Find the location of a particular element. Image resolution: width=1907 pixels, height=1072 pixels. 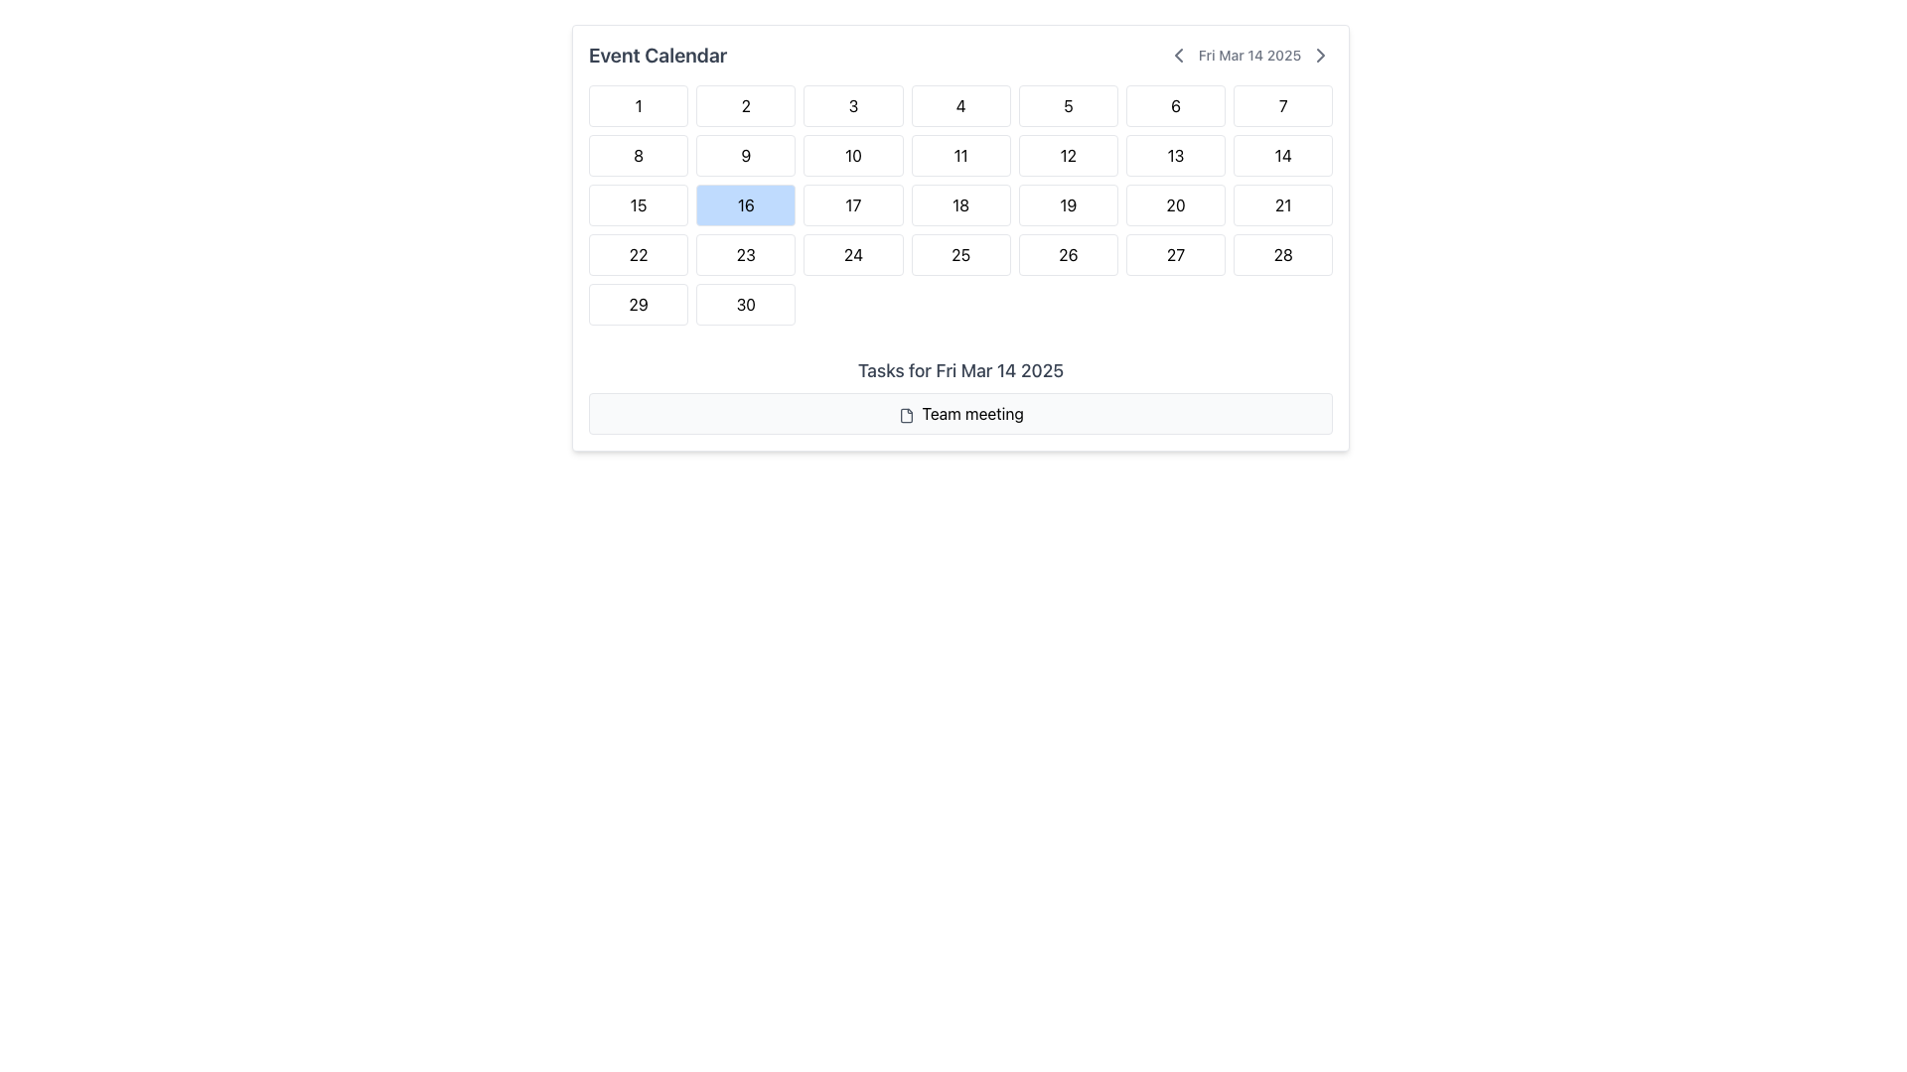

the square-shaped button with the number '3' in bold text is located at coordinates (853, 106).